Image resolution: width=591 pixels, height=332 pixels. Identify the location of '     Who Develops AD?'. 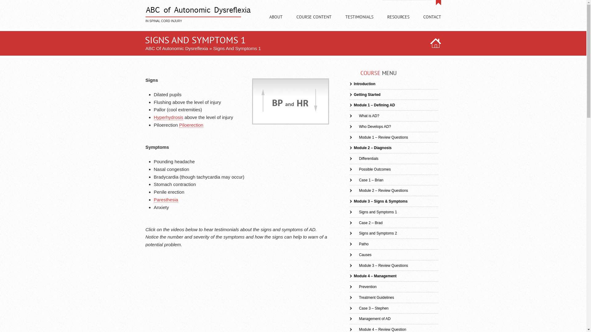
(369, 126).